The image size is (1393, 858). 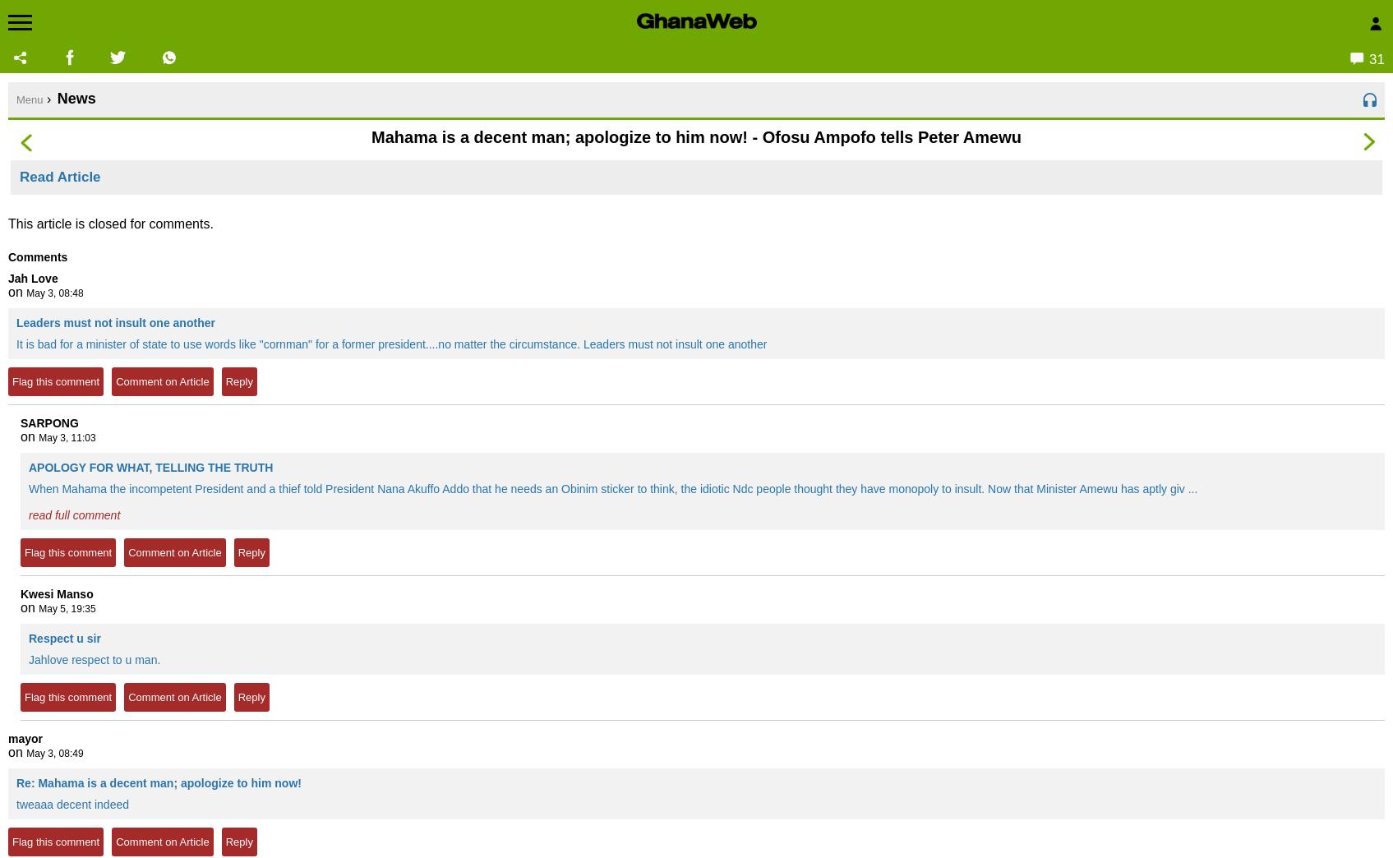 I want to click on 'When Mahama the incompetent President and a thief told President Nana Akuffo Addo that he needs an Obinim sticker to think, the idiotic Ndc people thought they have monopoly to insult.

Now that Minister Amewu has aptly giv ...', so click(x=611, y=488).